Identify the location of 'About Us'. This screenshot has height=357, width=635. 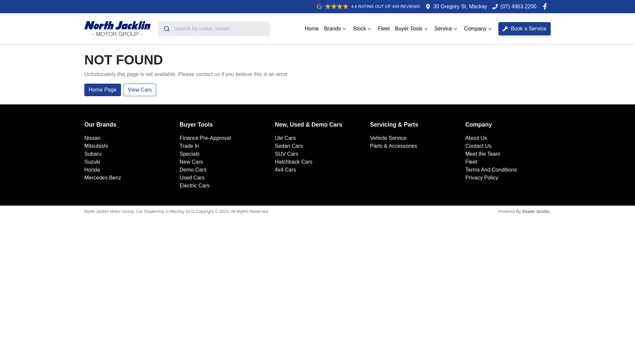
(476, 138).